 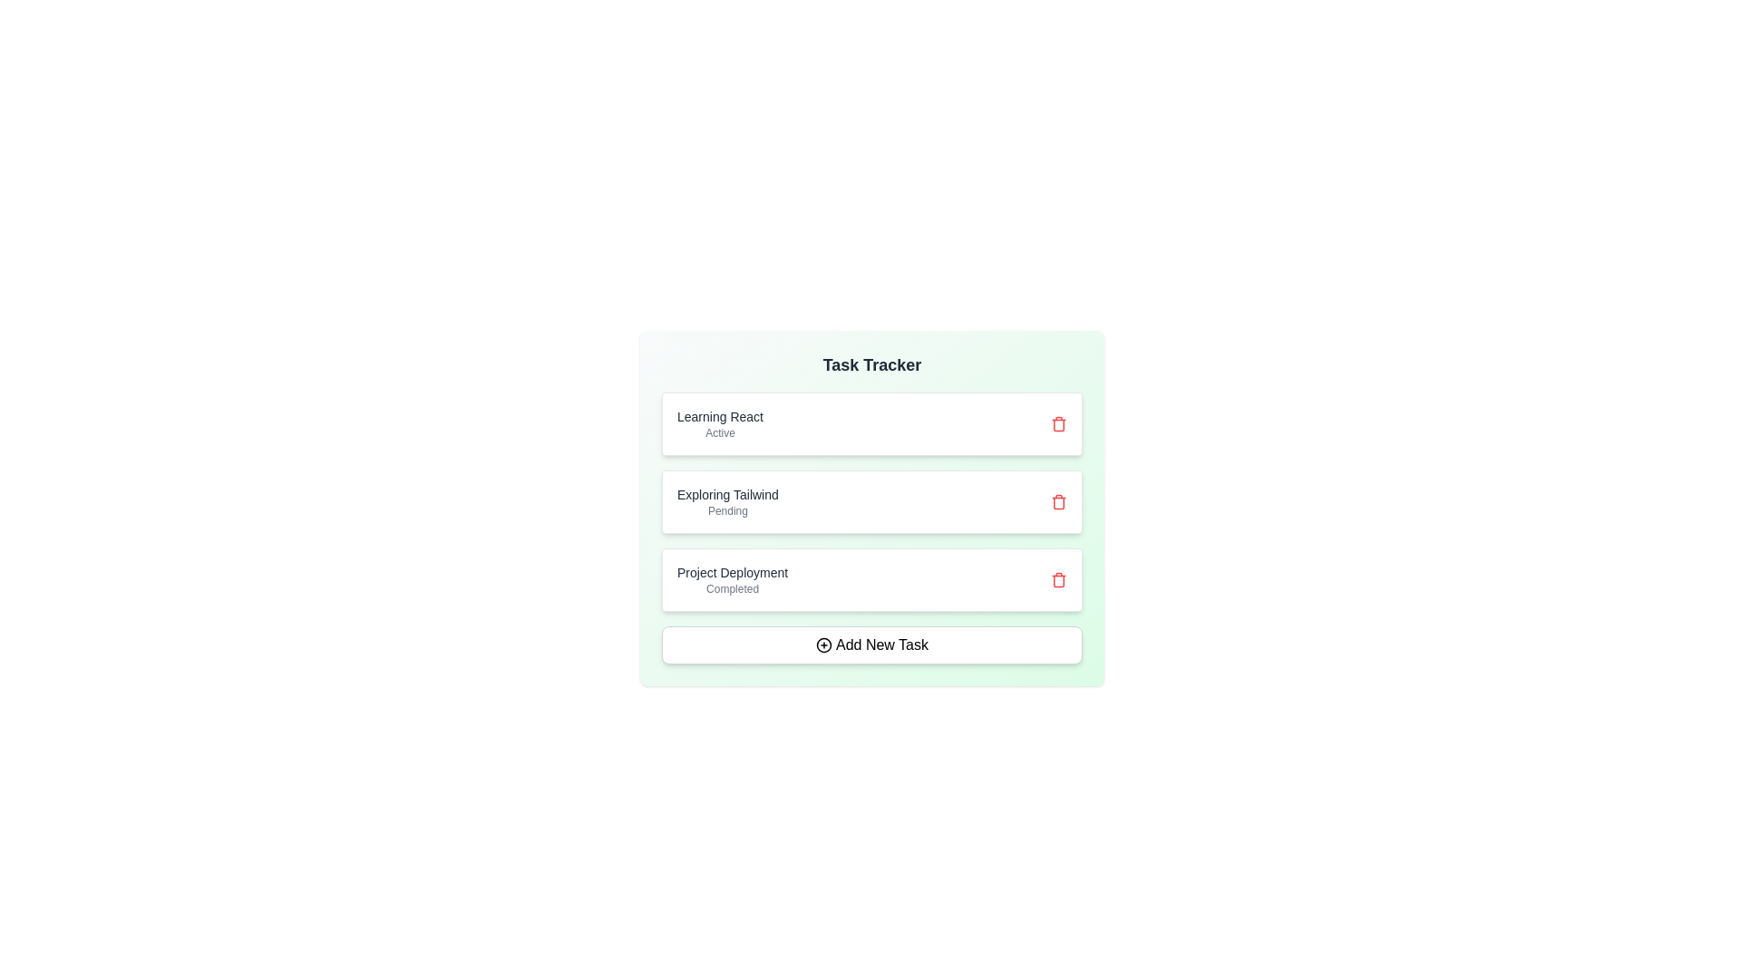 I want to click on the task card corresponding to Project Deployment, so click(x=871, y=580).